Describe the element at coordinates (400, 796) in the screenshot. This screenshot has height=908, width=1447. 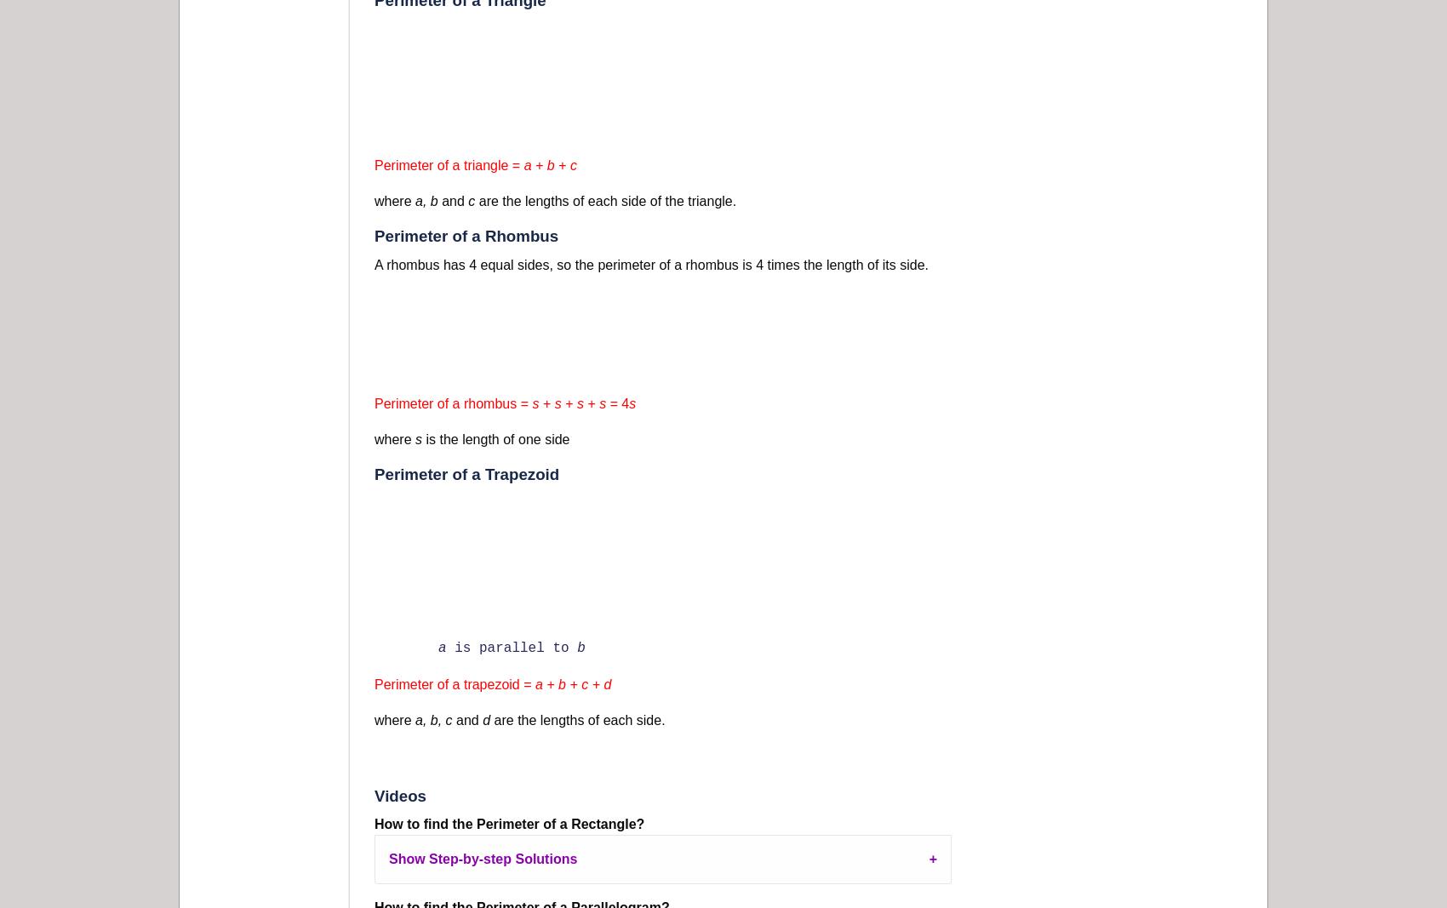
I see `'Videos'` at that location.